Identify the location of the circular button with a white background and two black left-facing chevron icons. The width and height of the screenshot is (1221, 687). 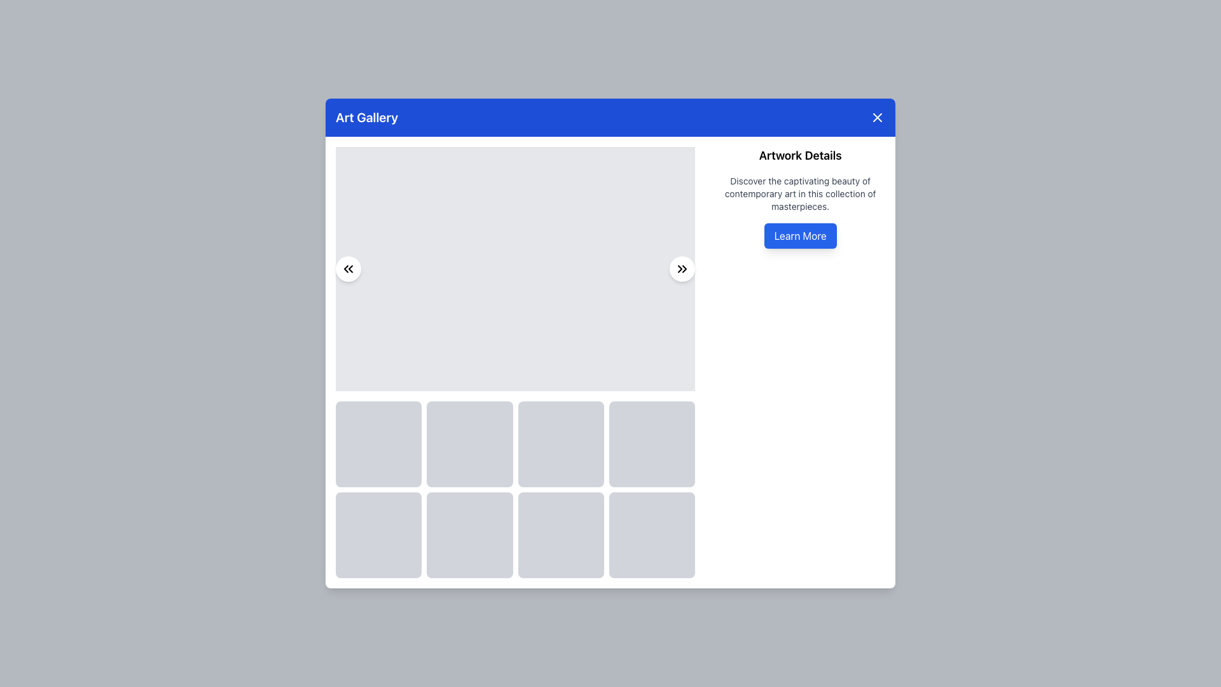
(348, 267).